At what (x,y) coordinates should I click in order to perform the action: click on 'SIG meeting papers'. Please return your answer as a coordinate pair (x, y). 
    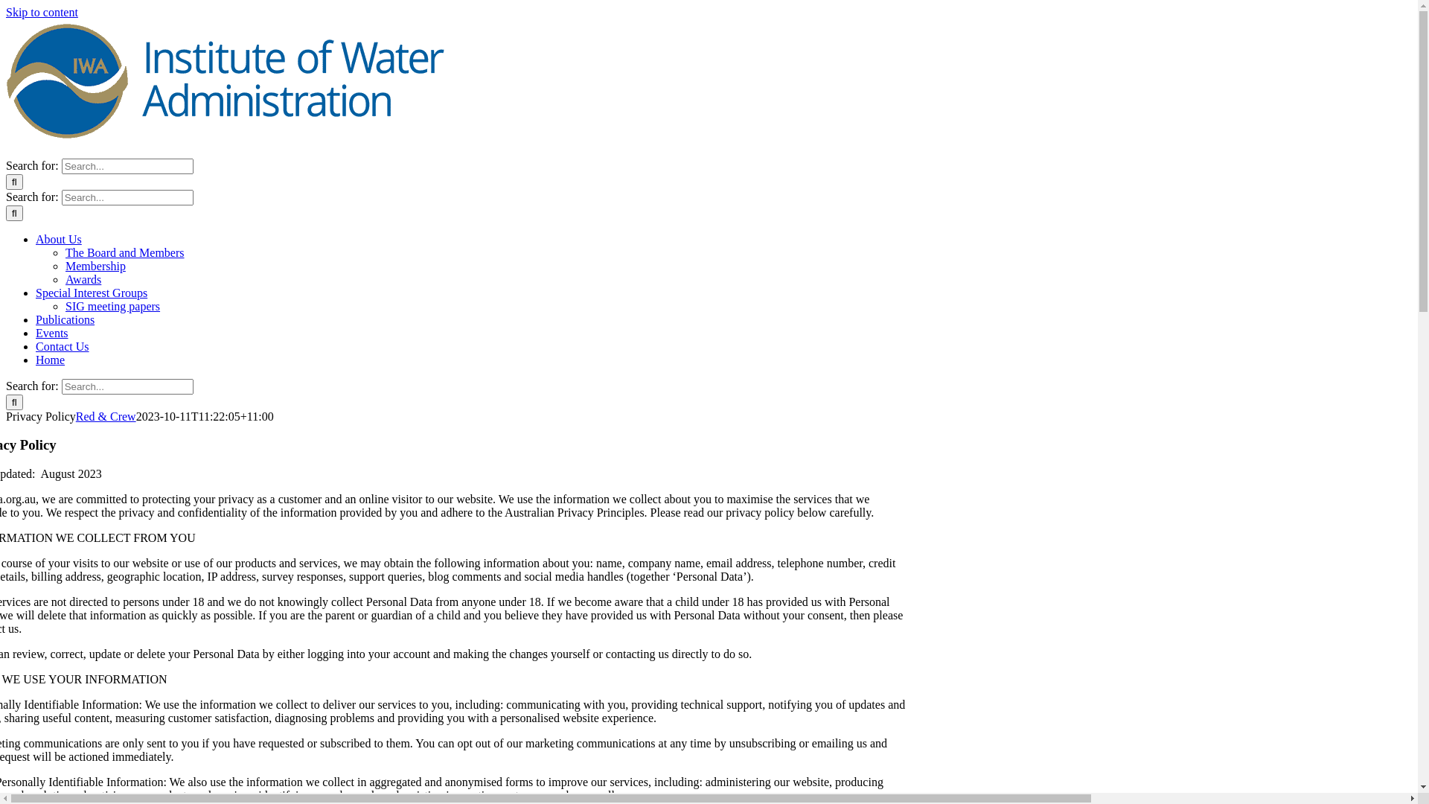
    Looking at the image, I should click on (112, 305).